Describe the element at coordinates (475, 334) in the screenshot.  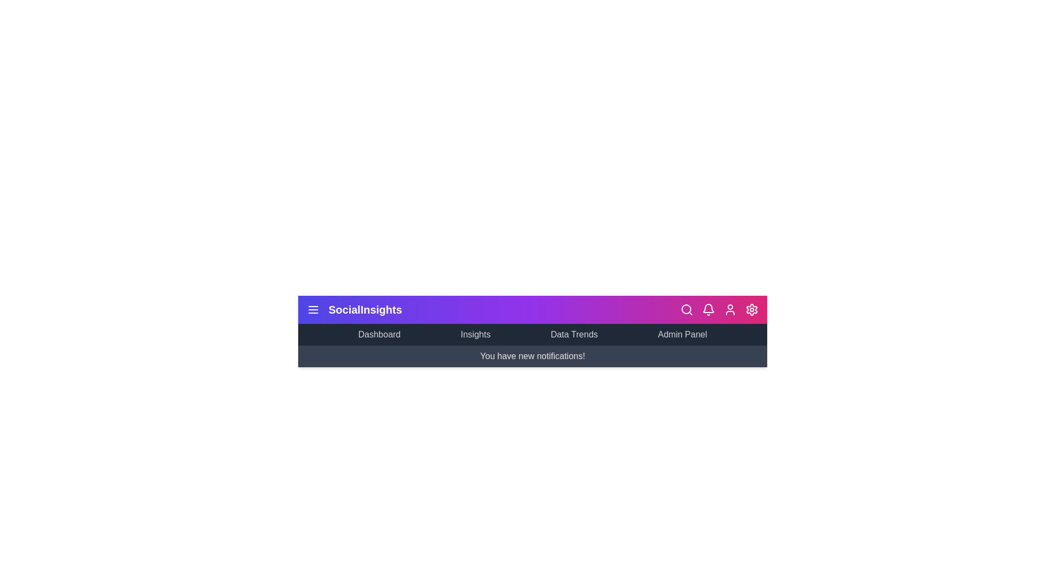
I see `the 'Insights' menu item in the navigation bar` at that location.